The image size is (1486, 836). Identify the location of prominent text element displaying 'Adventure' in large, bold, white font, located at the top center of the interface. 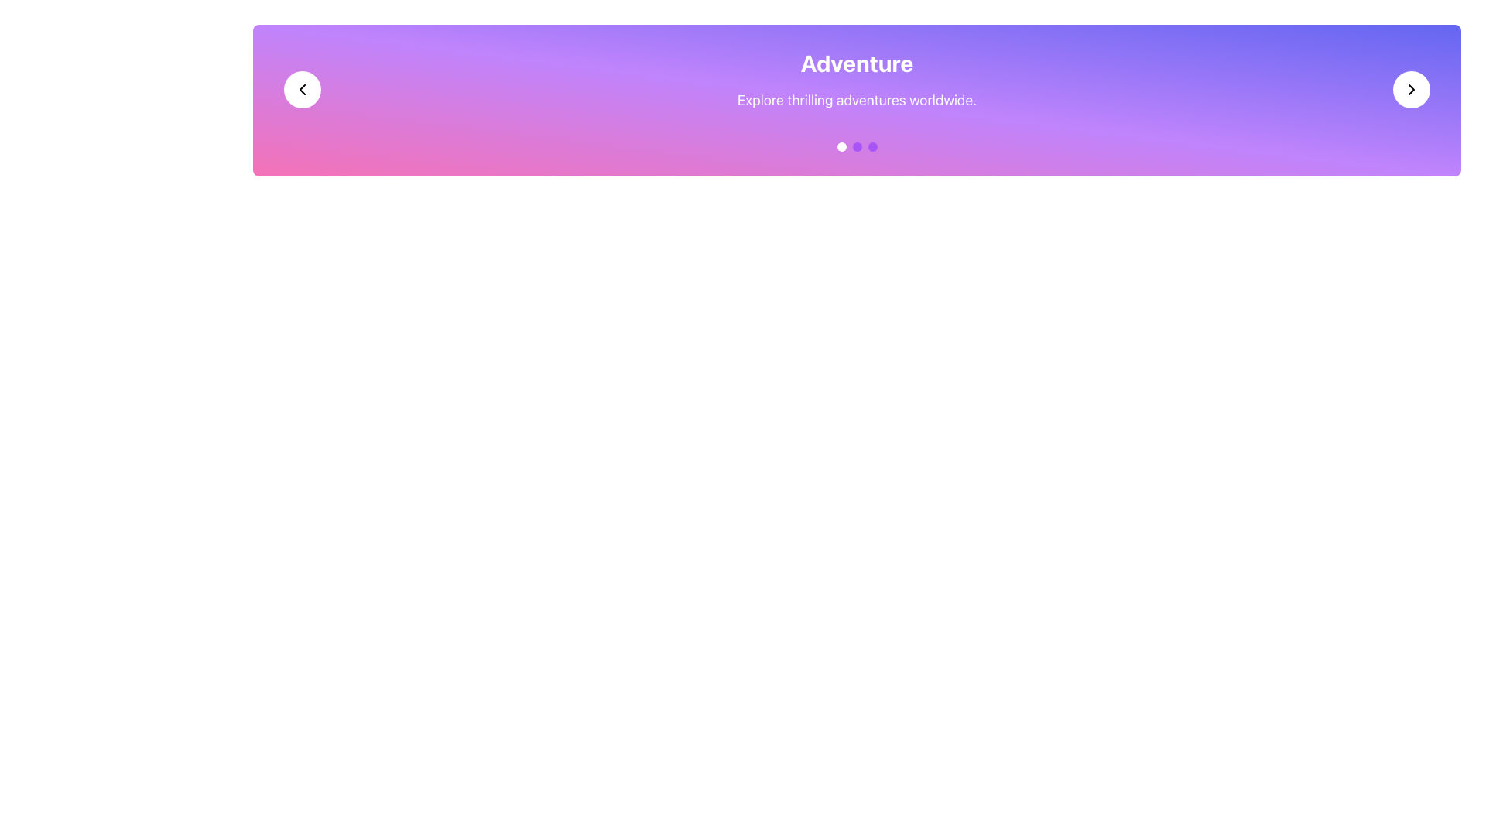
(856, 62).